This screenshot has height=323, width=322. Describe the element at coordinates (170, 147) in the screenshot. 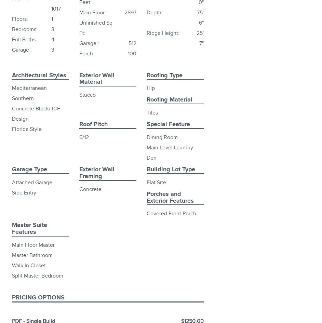

I see `'Main Level Laundry'` at that location.